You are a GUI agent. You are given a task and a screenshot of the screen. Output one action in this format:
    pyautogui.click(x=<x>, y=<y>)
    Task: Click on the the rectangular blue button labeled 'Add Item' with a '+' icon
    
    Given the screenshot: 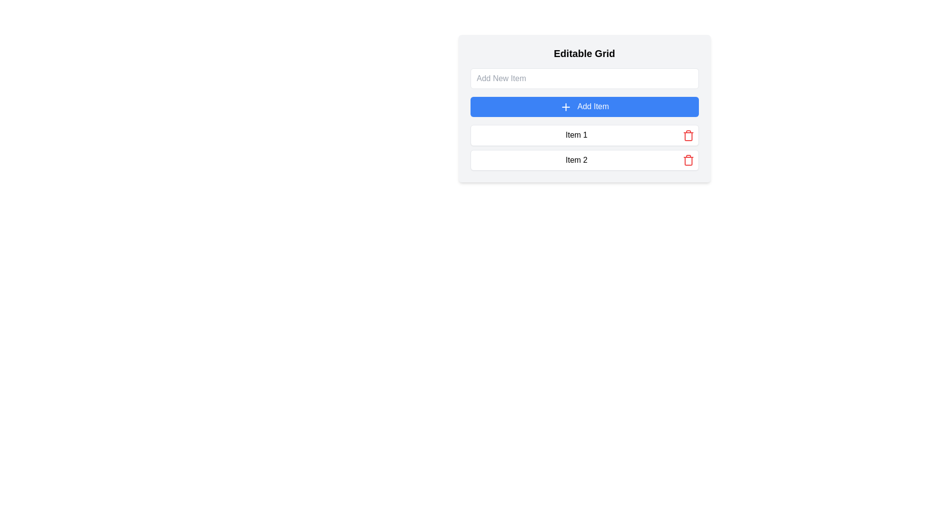 What is the action you would take?
    pyautogui.click(x=584, y=109)
    